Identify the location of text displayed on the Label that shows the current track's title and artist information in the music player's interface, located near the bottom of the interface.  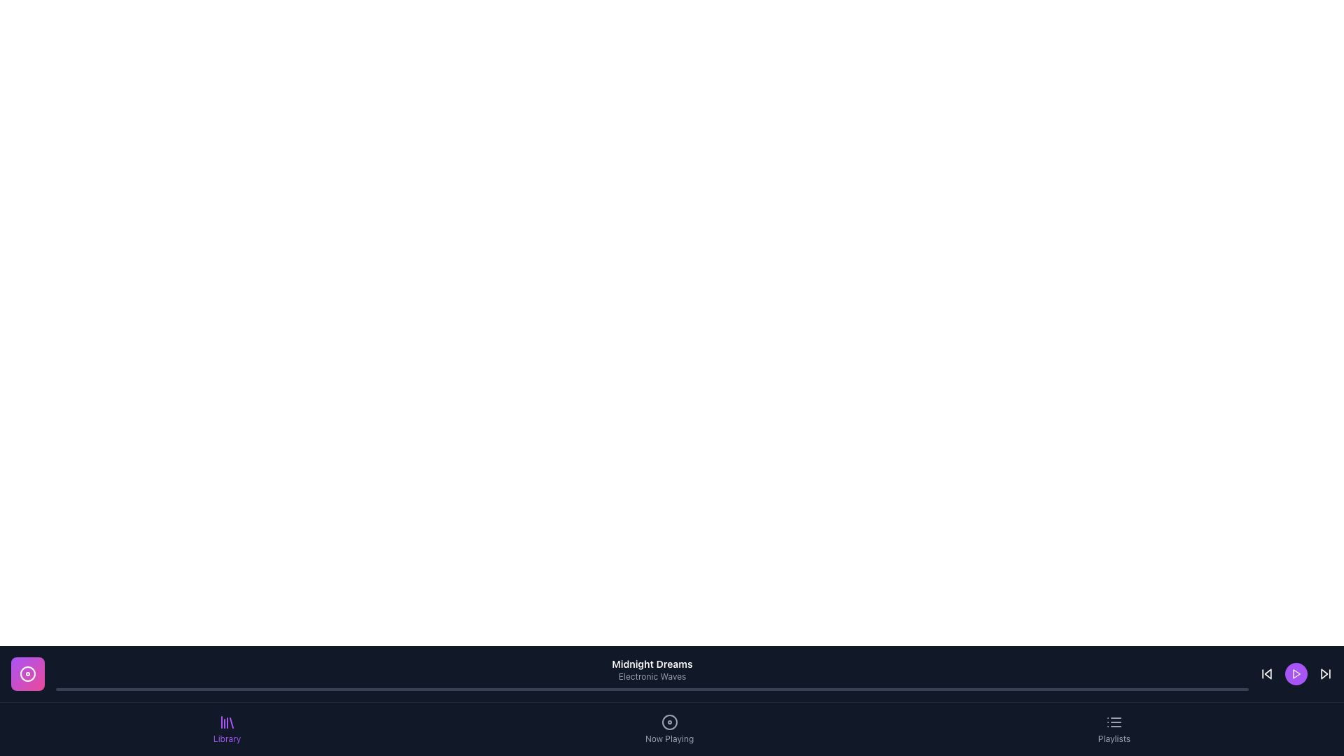
(651, 673).